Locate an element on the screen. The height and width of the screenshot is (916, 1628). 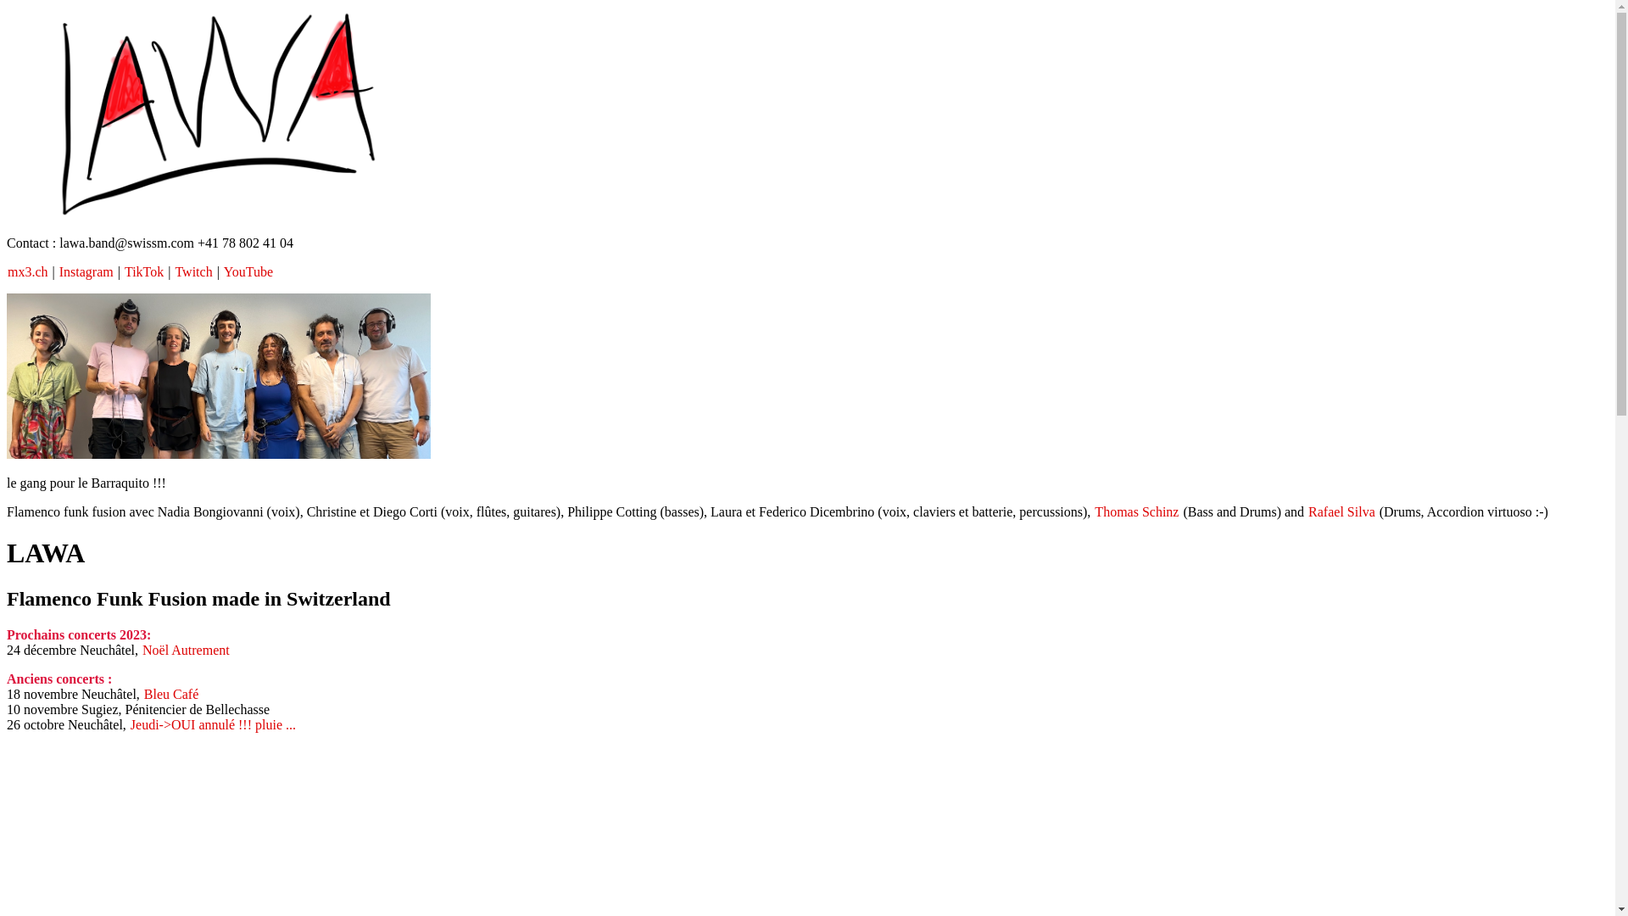
'YouTube' is located at coordinates (247, 270).